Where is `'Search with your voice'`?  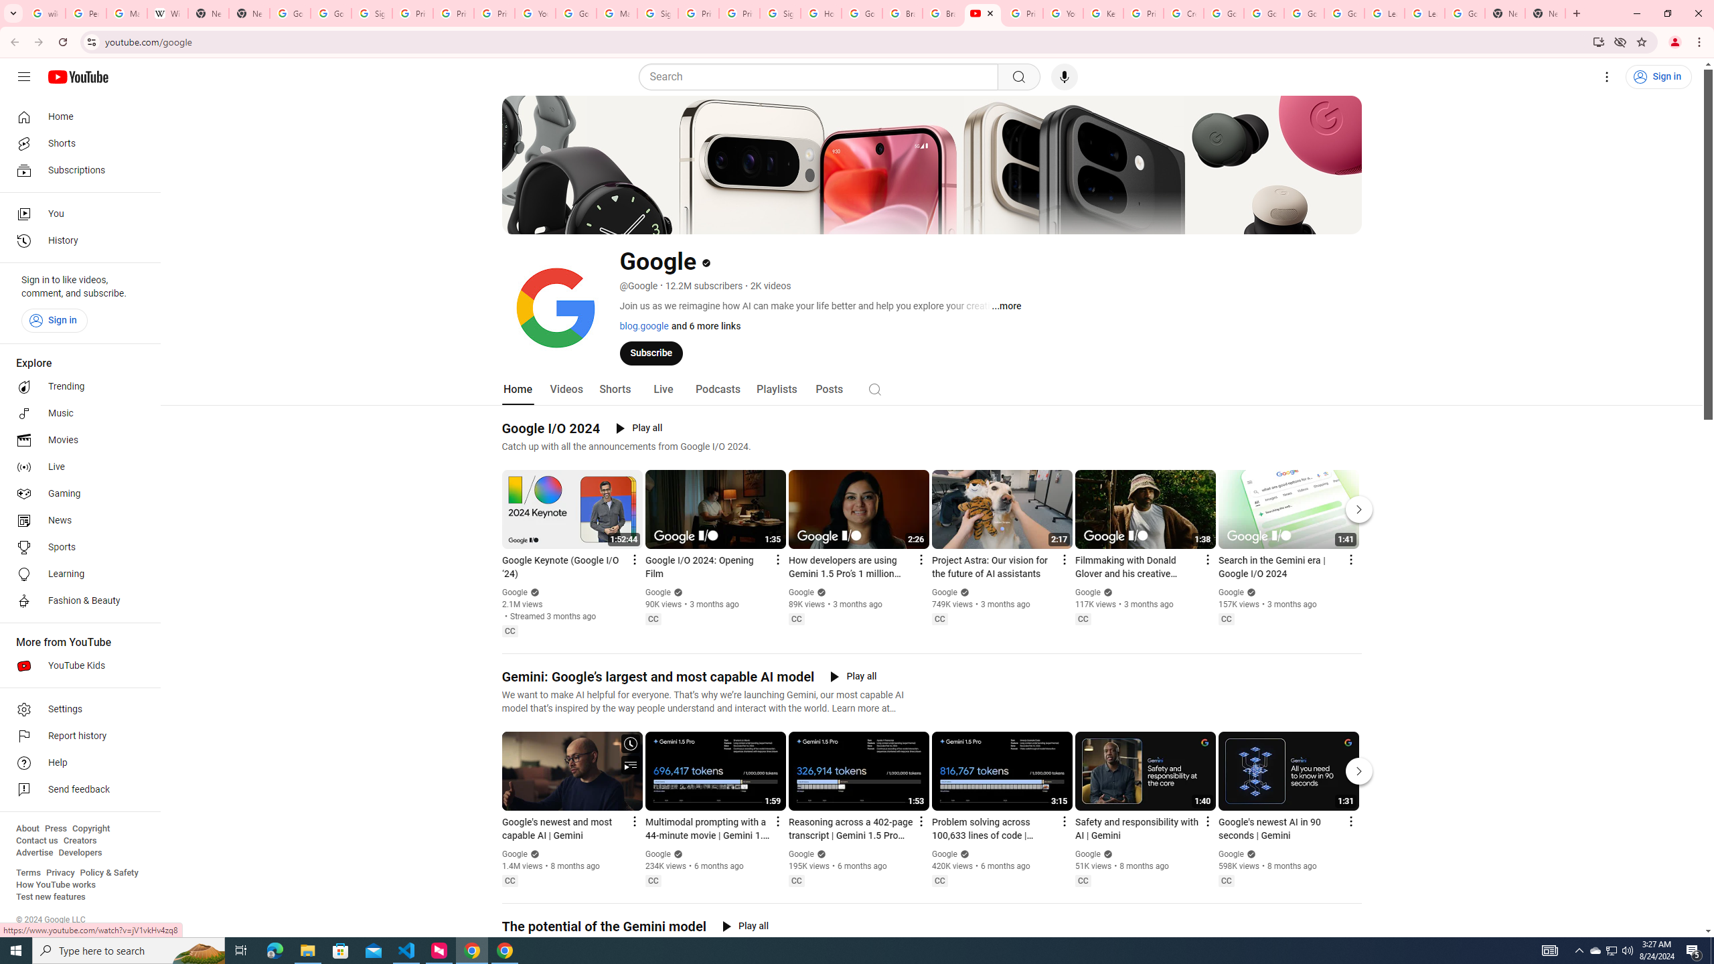 'Search with your voice' is located at coordinates (1064, 76).